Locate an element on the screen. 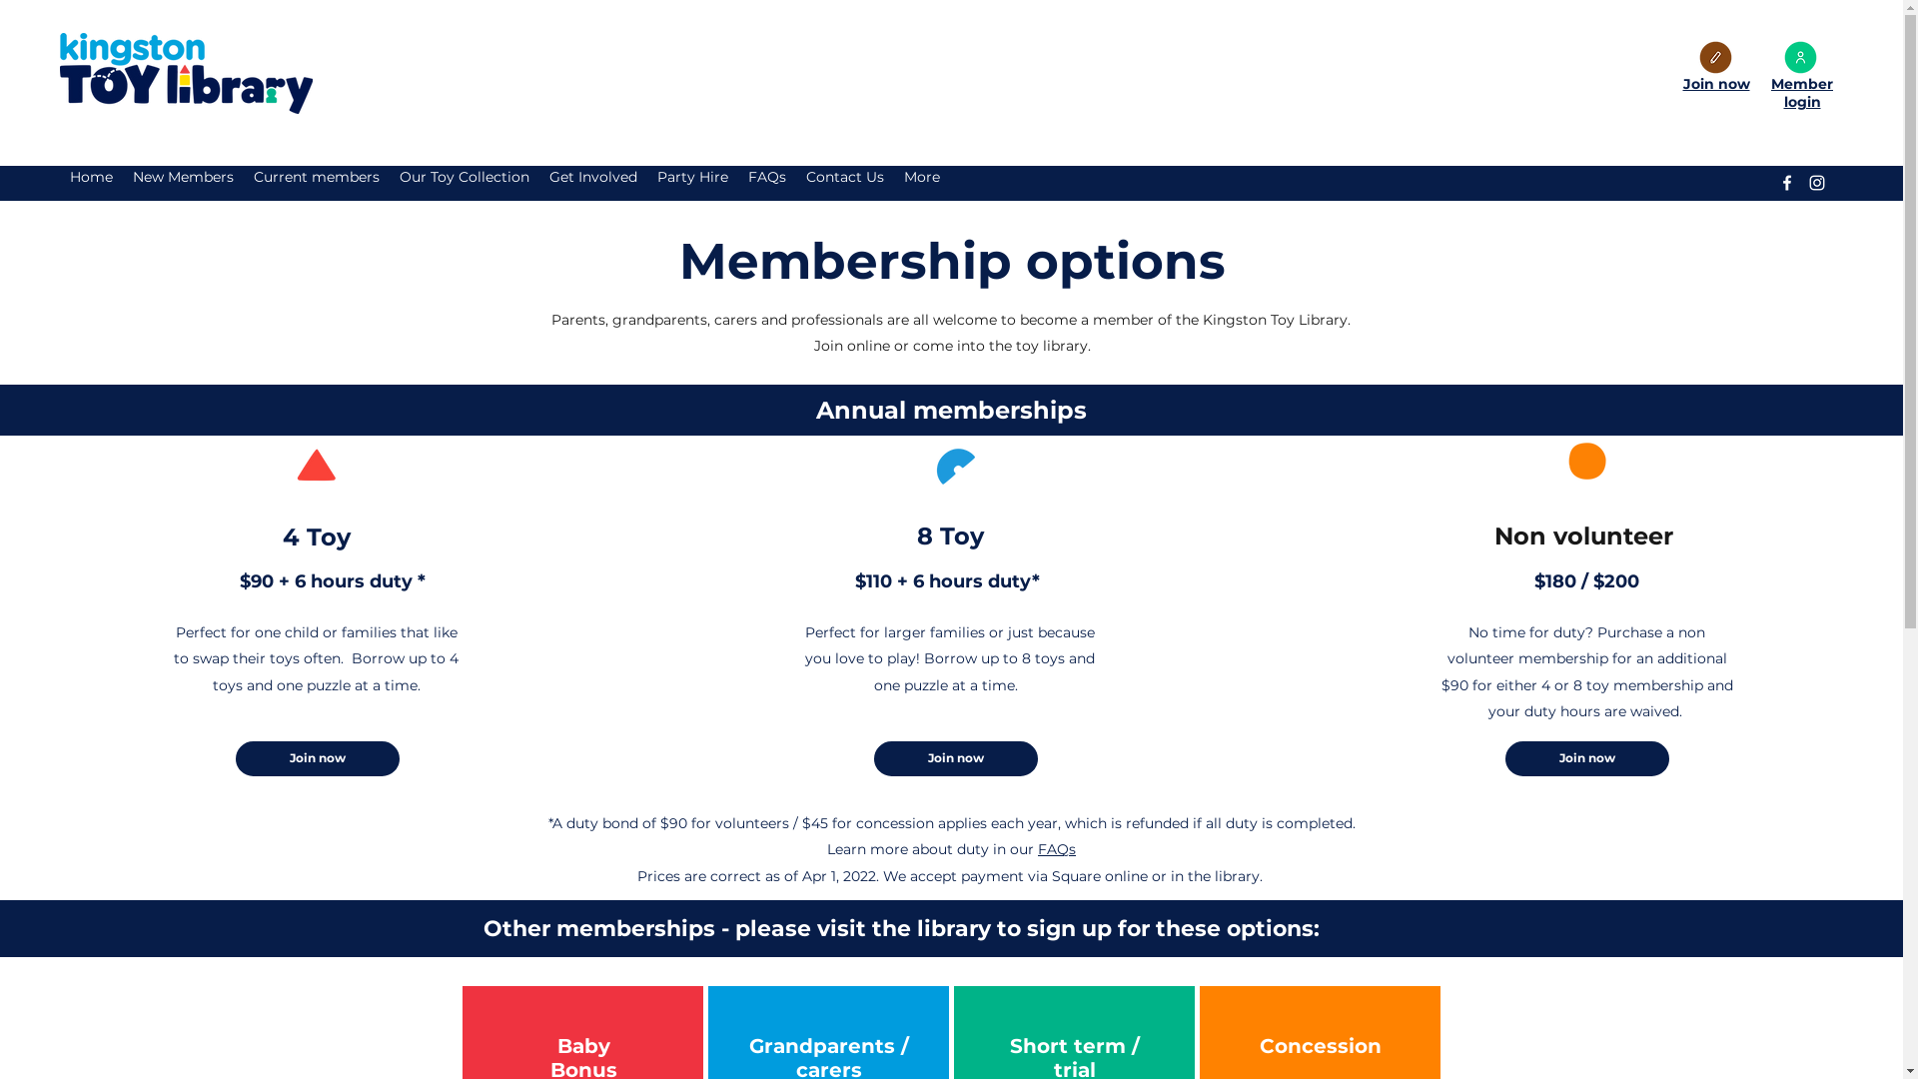  'Party Hire' is located at coordinates (692, 182).